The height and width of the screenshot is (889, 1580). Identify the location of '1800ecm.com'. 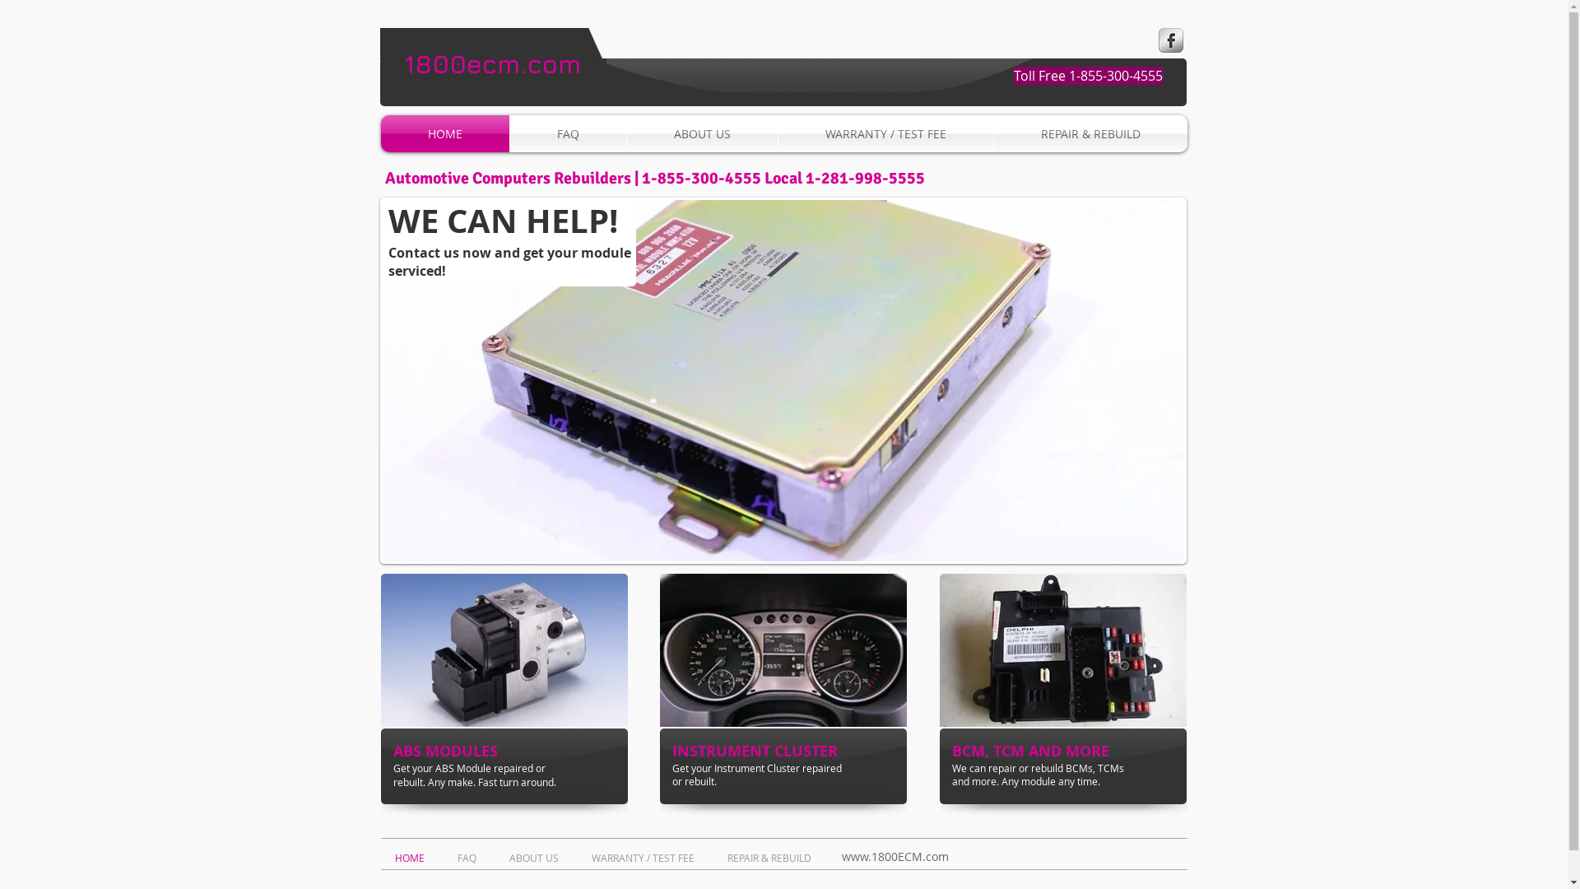
(492, 63).